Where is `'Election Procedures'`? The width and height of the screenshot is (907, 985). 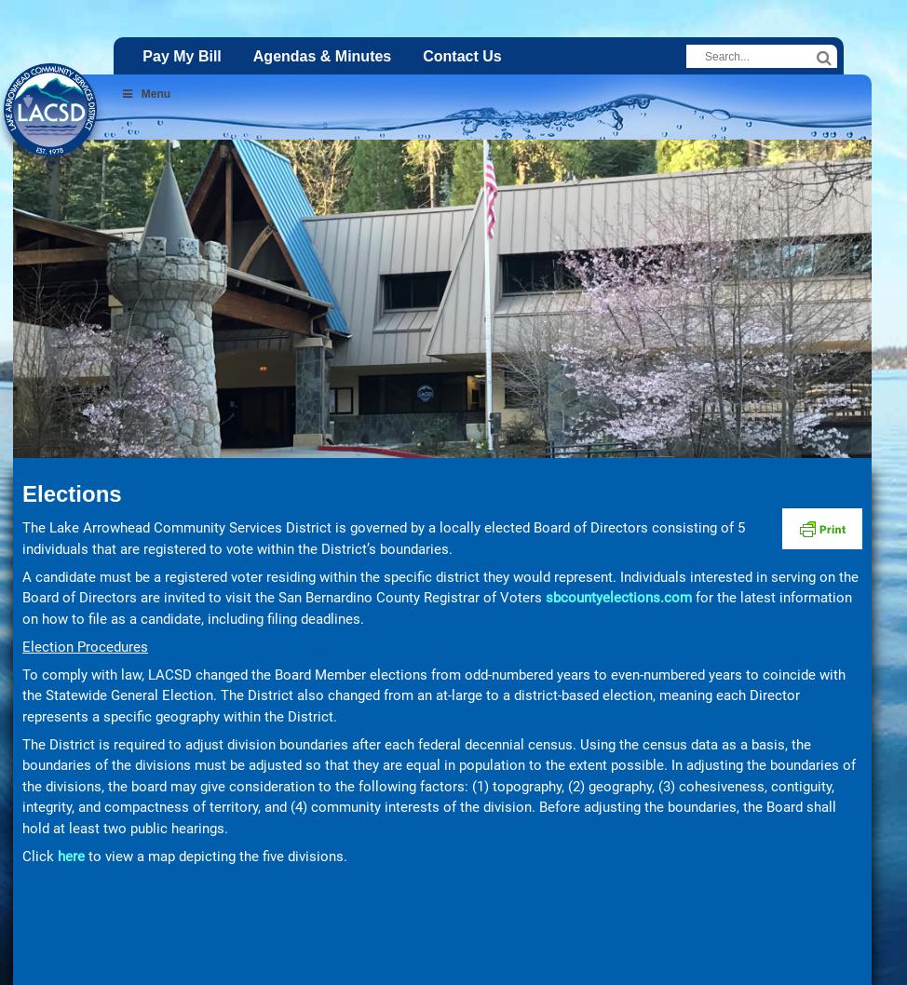
'Election Procedures' is located at coordinates (21, 645).